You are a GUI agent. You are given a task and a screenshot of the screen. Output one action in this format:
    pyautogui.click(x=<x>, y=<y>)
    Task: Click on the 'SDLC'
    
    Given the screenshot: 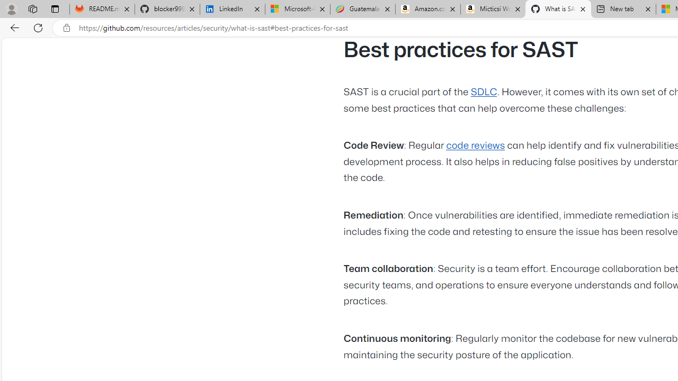 What is the action you would take?
    pyautogui.click(x=483, y=92)
    